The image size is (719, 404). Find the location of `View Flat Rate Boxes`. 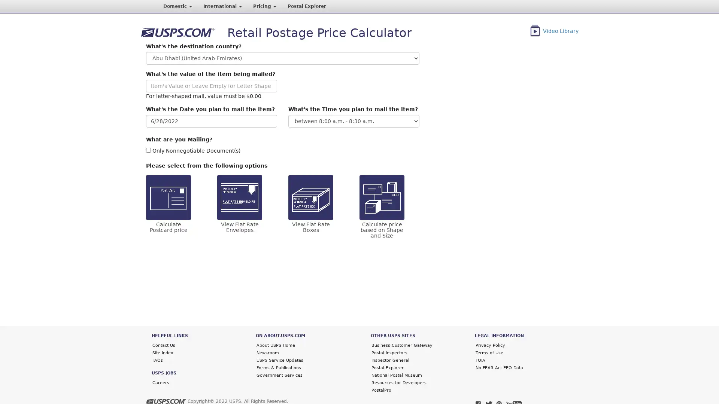

View Flat Rate Boxes is located at coordinates (311, 197).